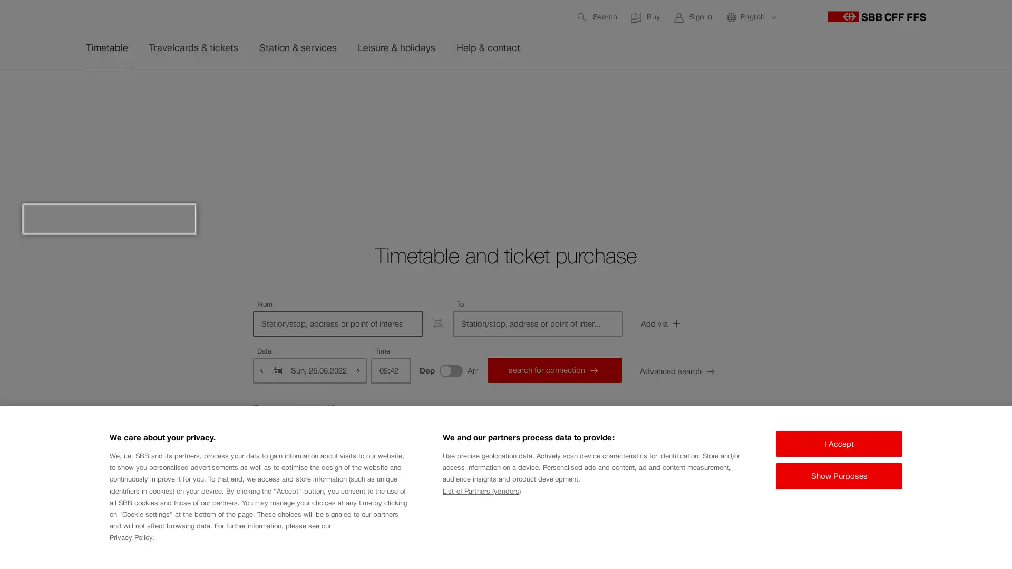 The image size is (1012, 569). I want to click on Switch to the previous day, so click(262, 369).